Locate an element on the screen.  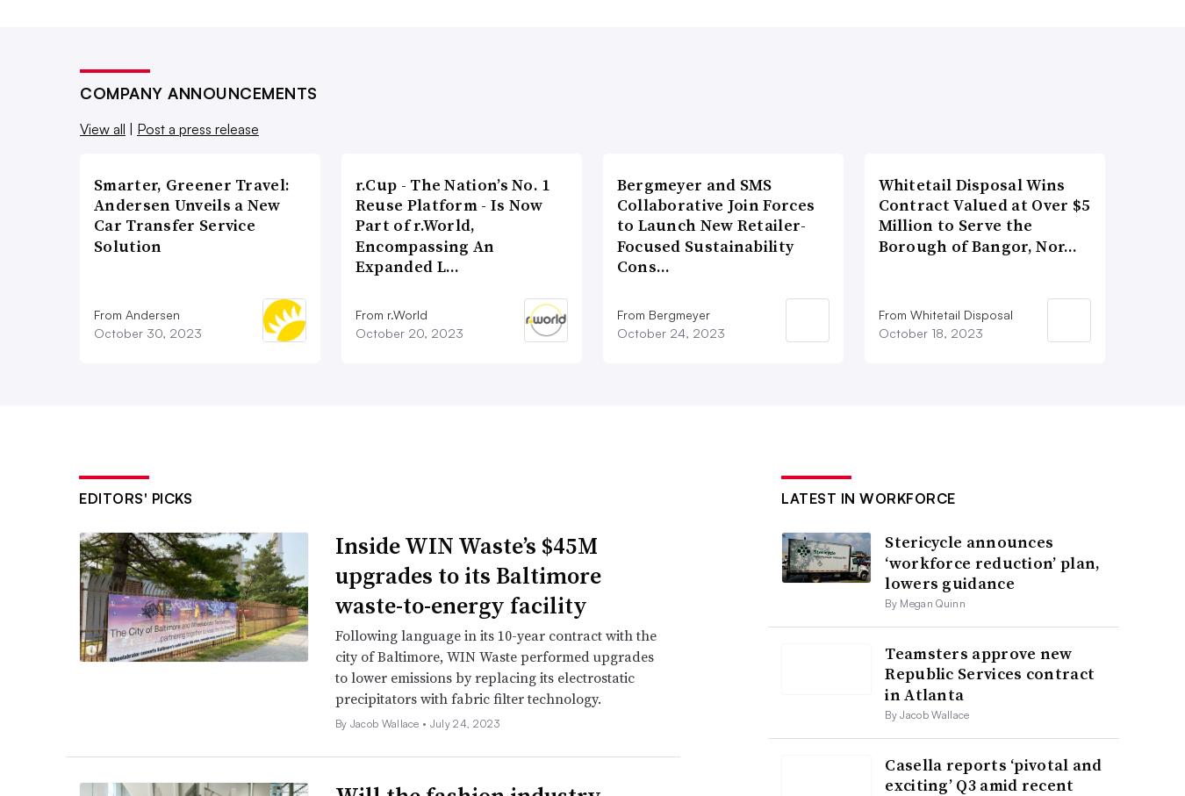
'Smarter, Greener Travel: Andersen Unveils a New Car Transfer Service Solution' is located at coordinates (191, 214).